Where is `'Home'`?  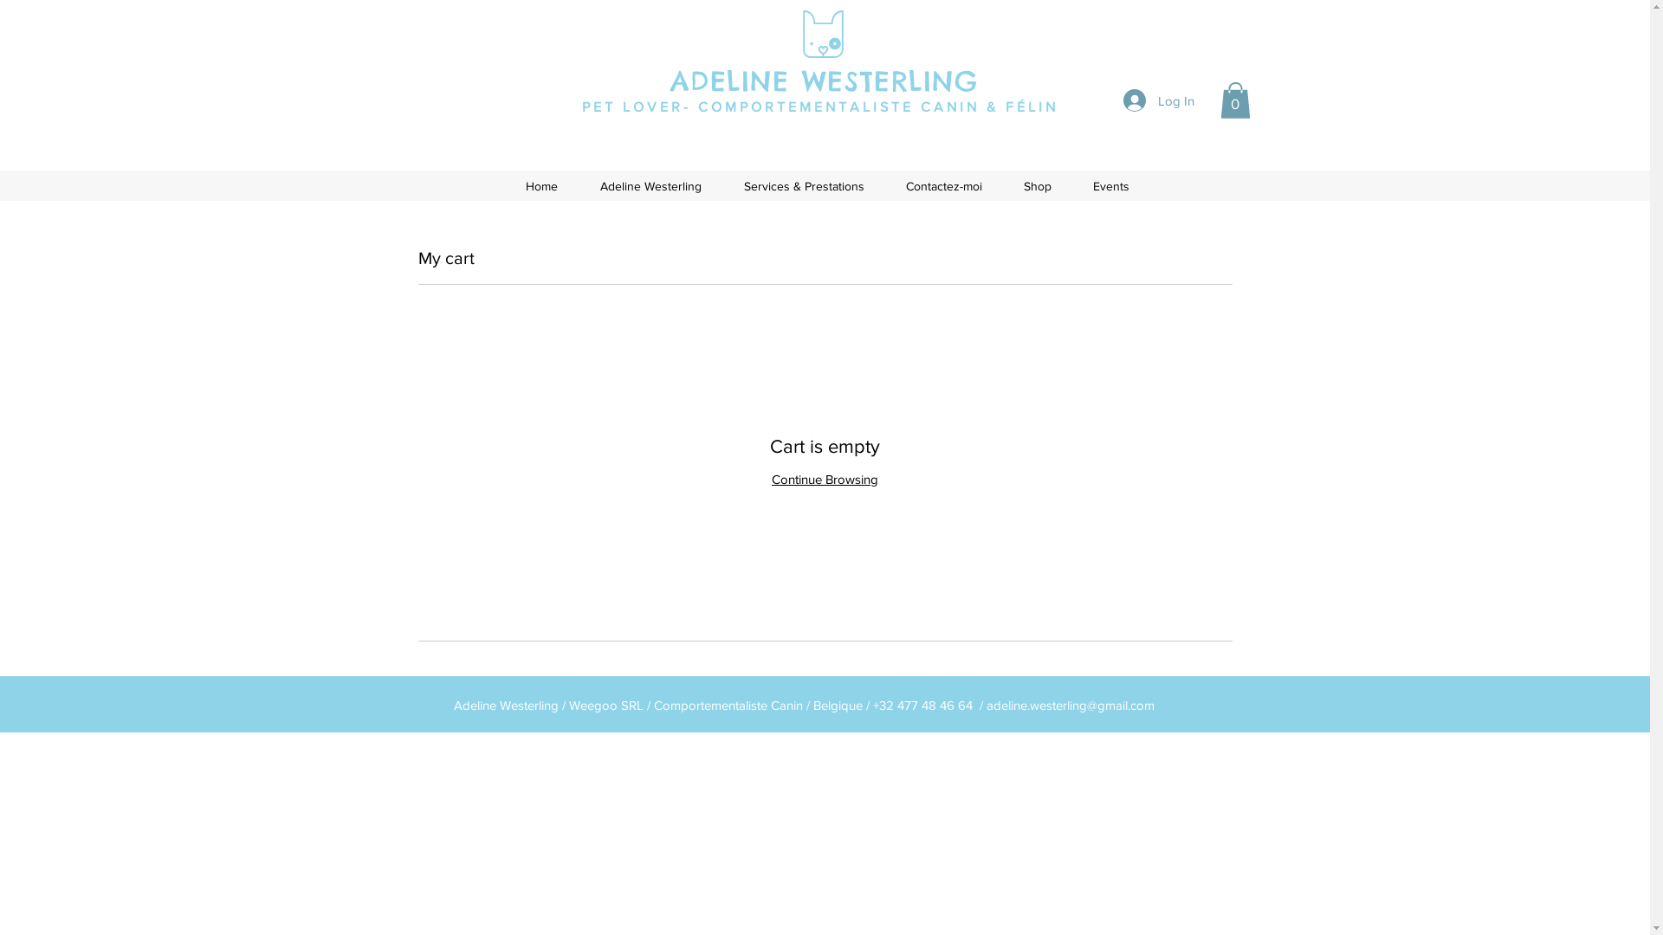 'Home' is located at coordinates (540, 186).